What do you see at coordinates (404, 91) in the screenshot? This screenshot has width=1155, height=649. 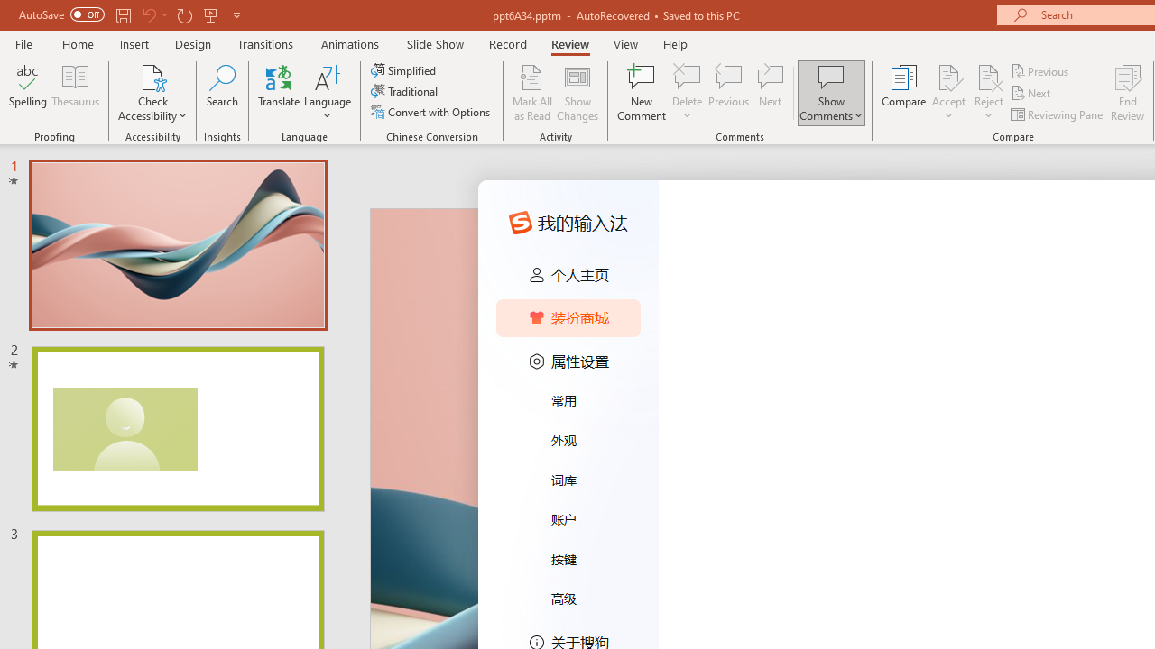 I see `'Traditional'` at bounding box center [404, 91].